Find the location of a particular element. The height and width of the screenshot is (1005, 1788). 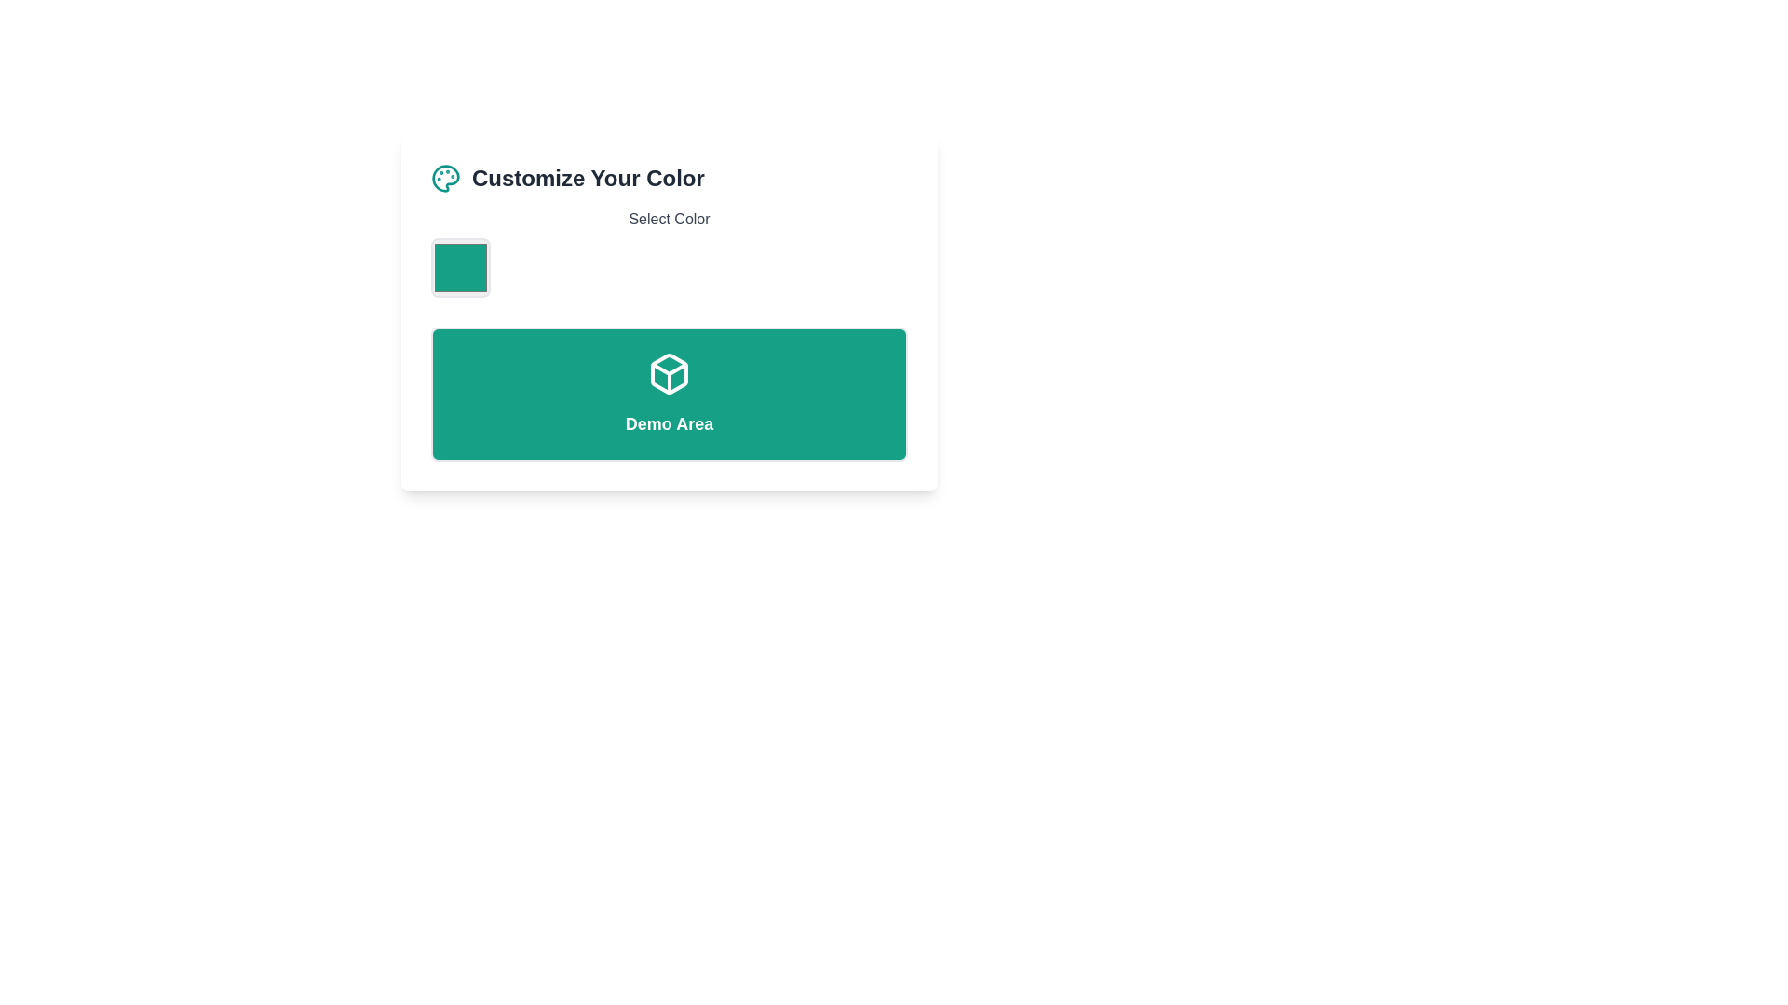

visual representation of the palette icon located to the left of the 'Customize Your Color' text block is located at coordinates (445, 179).